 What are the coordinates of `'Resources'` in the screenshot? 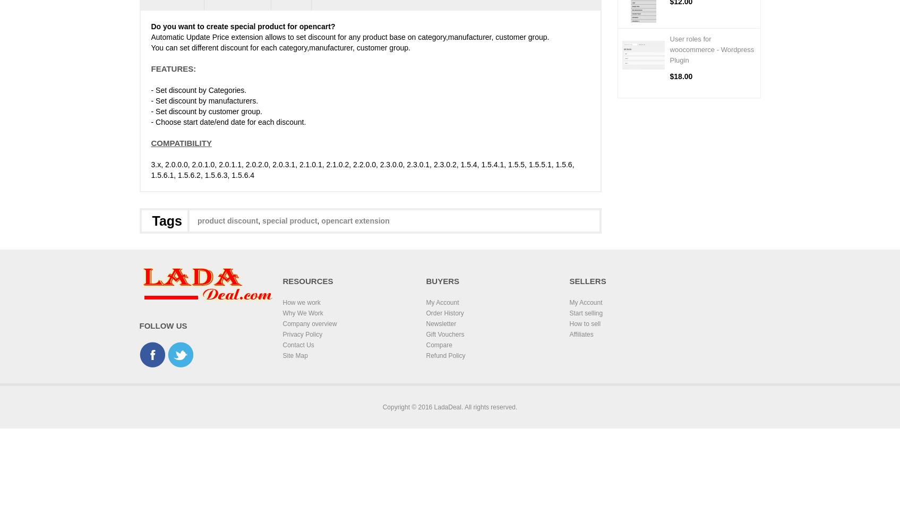 It's located at (282, 280).